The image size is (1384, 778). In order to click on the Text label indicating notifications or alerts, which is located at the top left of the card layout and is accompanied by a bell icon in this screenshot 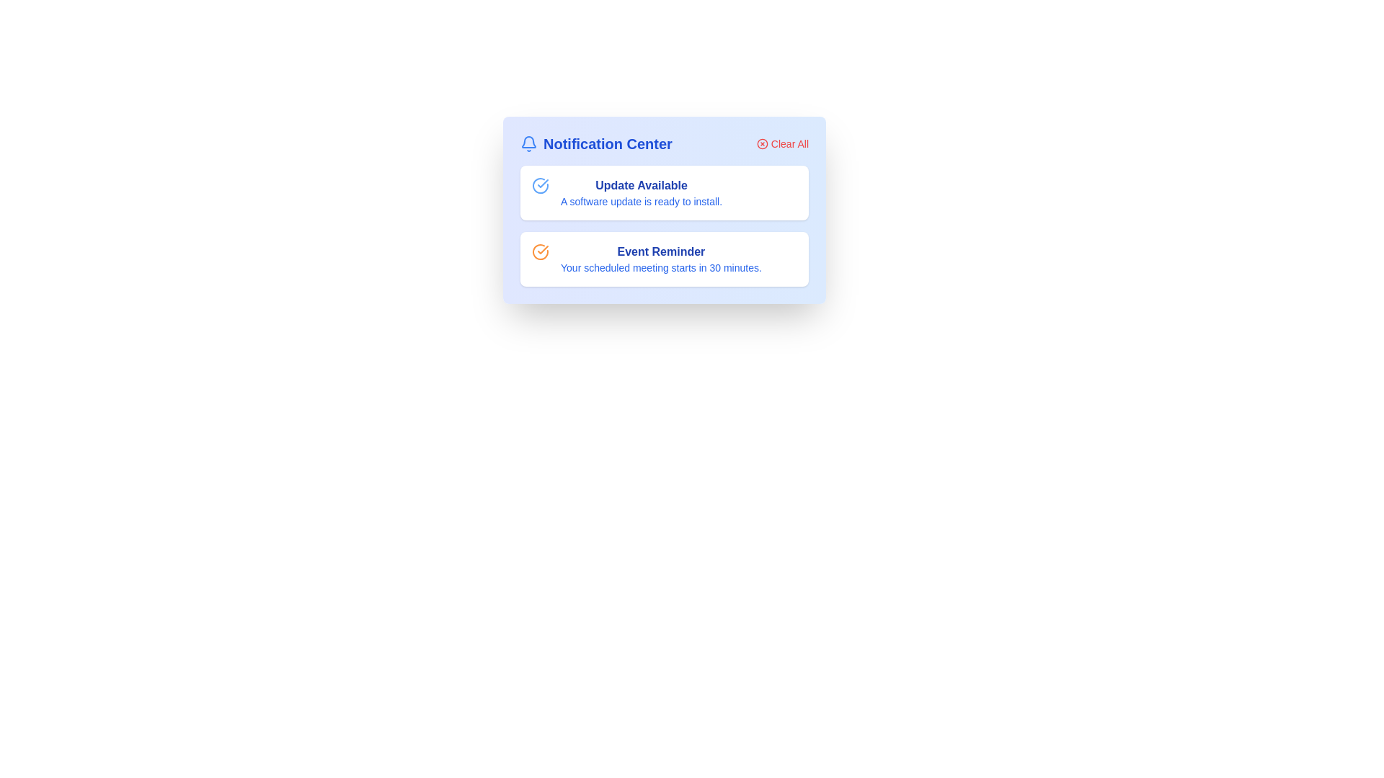, I will do `click(596, 144)`.